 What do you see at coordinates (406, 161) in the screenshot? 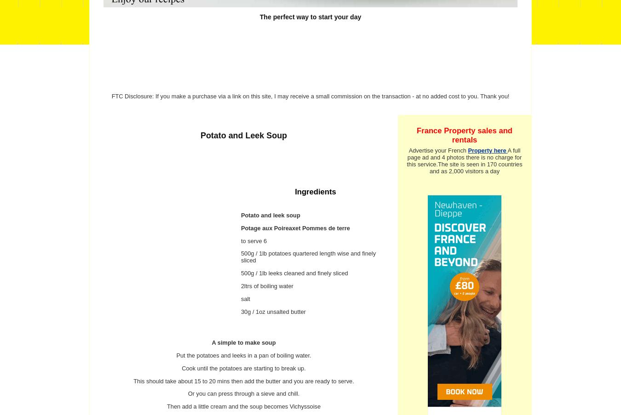
I see `'A full page ad and 4 photos there is no charge for this service.The site is
seen in 170 countries and as 2,000 visitors a day'` at bounding box center [406, 161].